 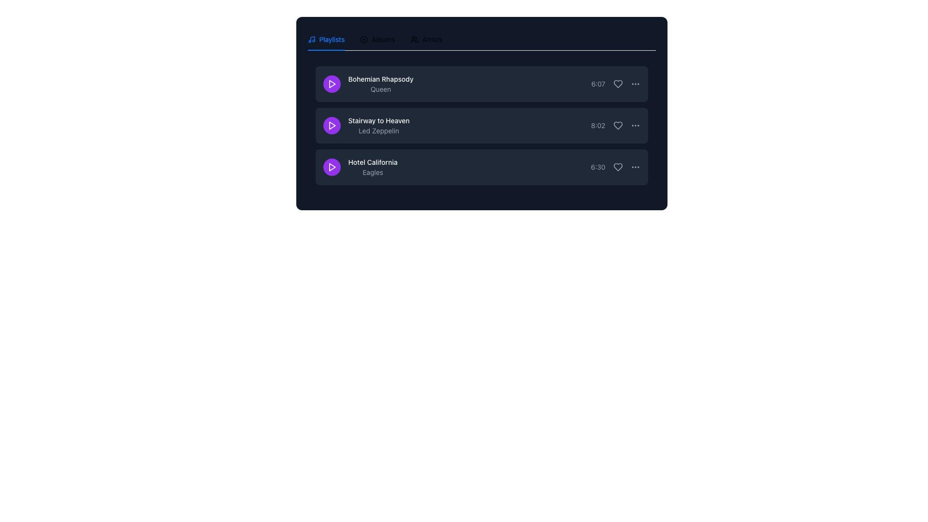 What do you see at coordinates (332, 167) in the screenshot?
I see `the play icon button (a triangular purple icon with a white outline) located in the third row of the playlist interface under 'Hotel California' by the Eagles` at bounding box center [332, 167].